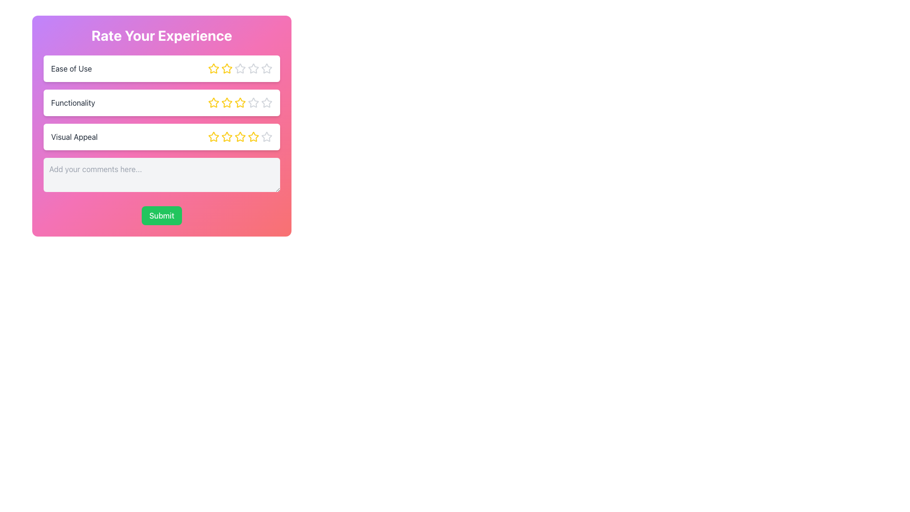 The image size is (910, 512). What do you see at coordinates (213, 102) in the screenshot?
I see `the first star button for rating 'Functionality' in the rating survey to provide a visual effect` at bounding box center [213, 102].